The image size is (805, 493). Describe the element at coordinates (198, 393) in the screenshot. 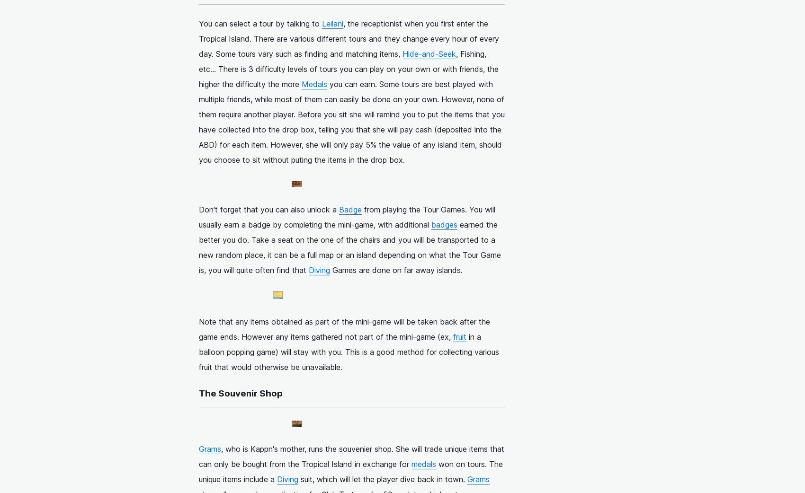

I see `'The Souvenir Shop'` at that location.